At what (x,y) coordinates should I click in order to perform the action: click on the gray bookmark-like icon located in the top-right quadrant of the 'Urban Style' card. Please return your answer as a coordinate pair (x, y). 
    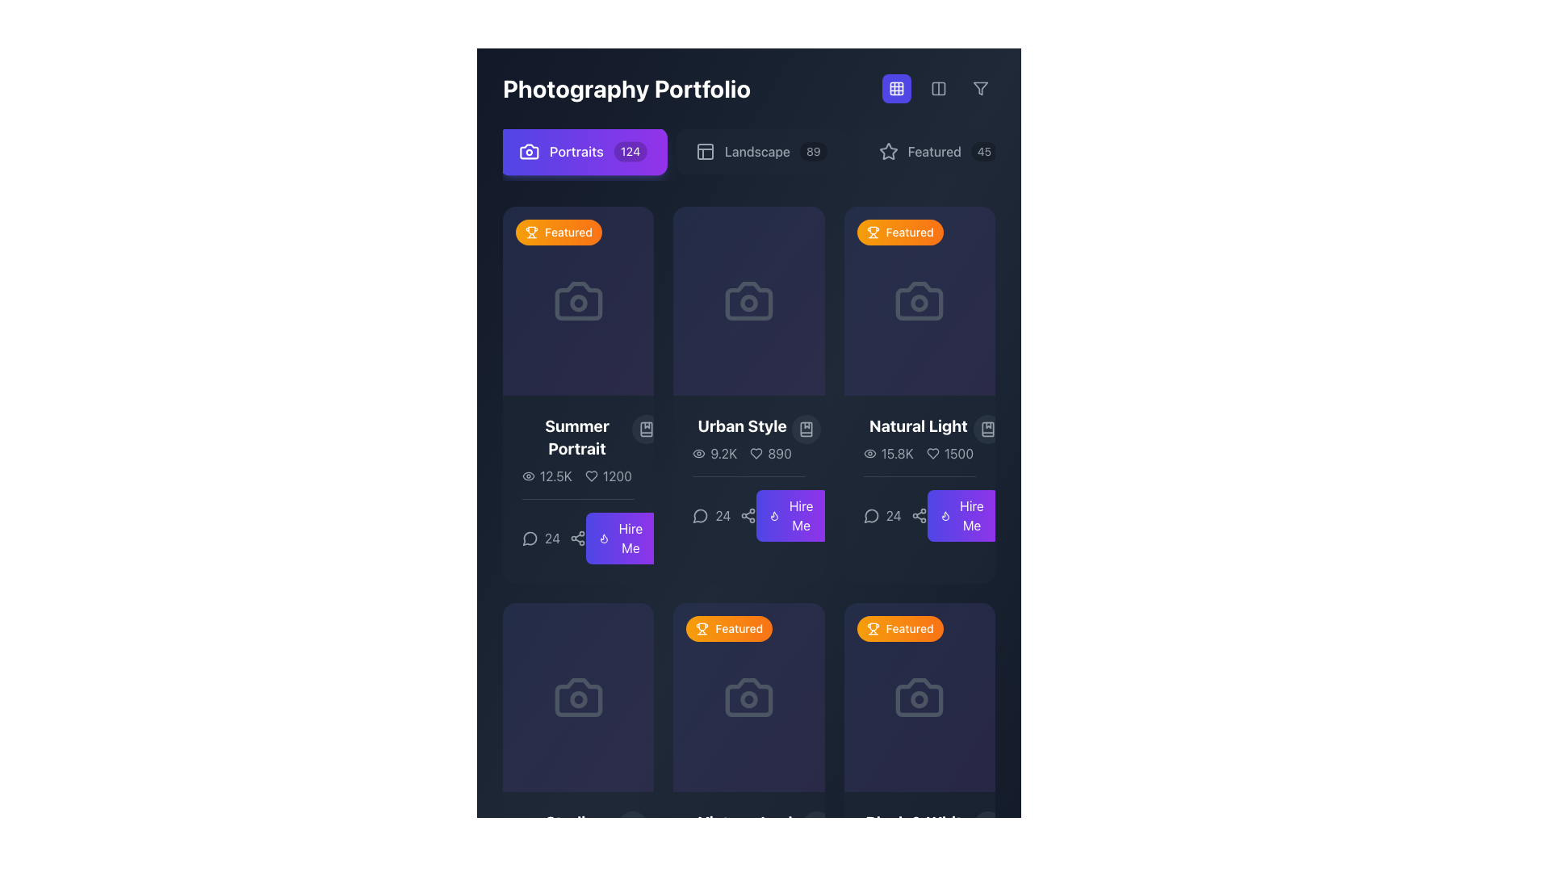
    Looking at the image, I should click on (806, 429).